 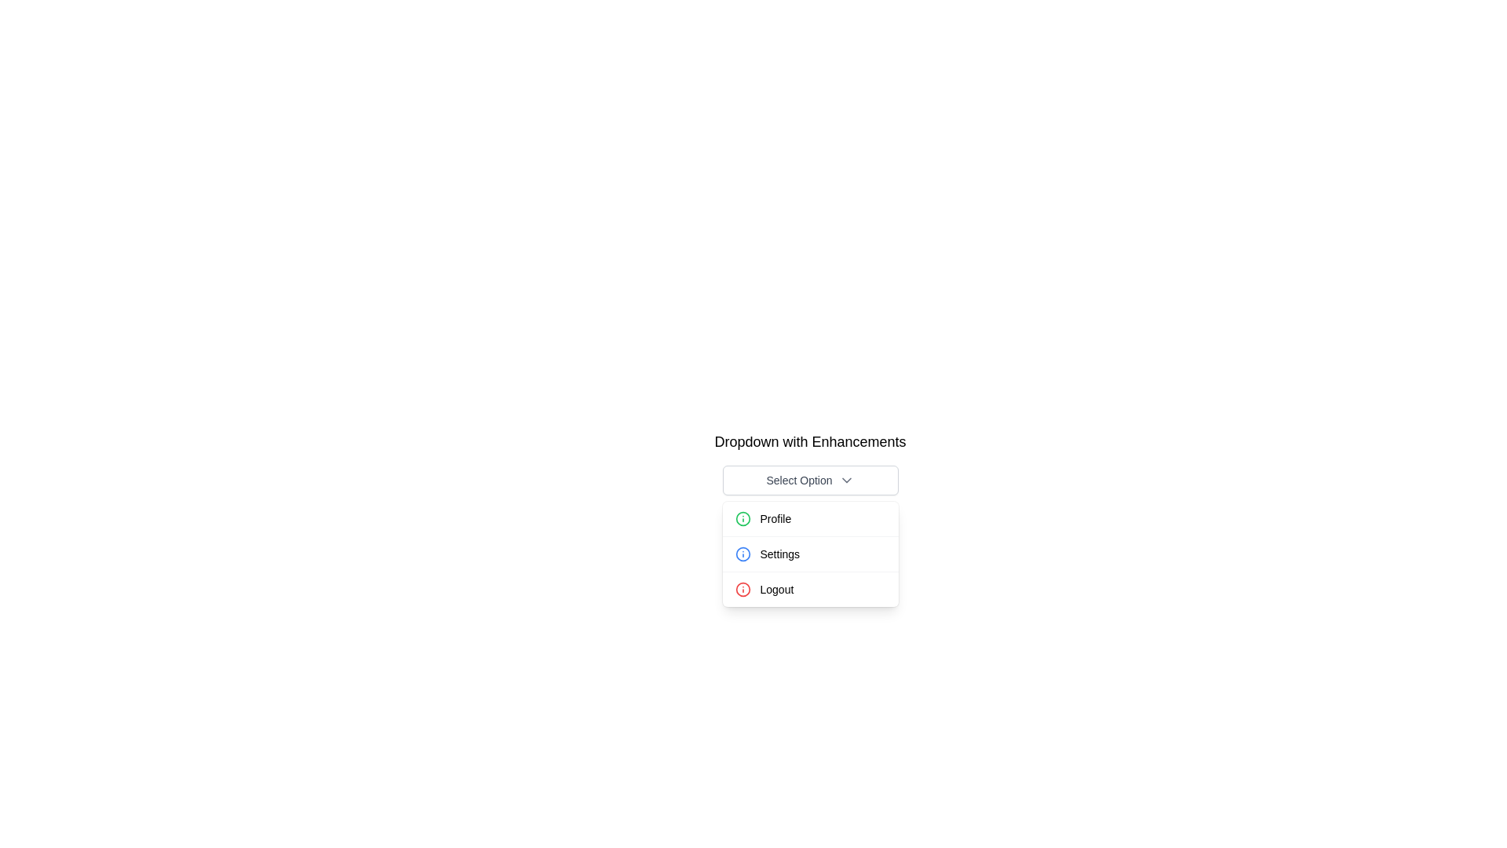 I want to click on the 'Profile' button in the dropdown menu, so click(x=810, y=518).